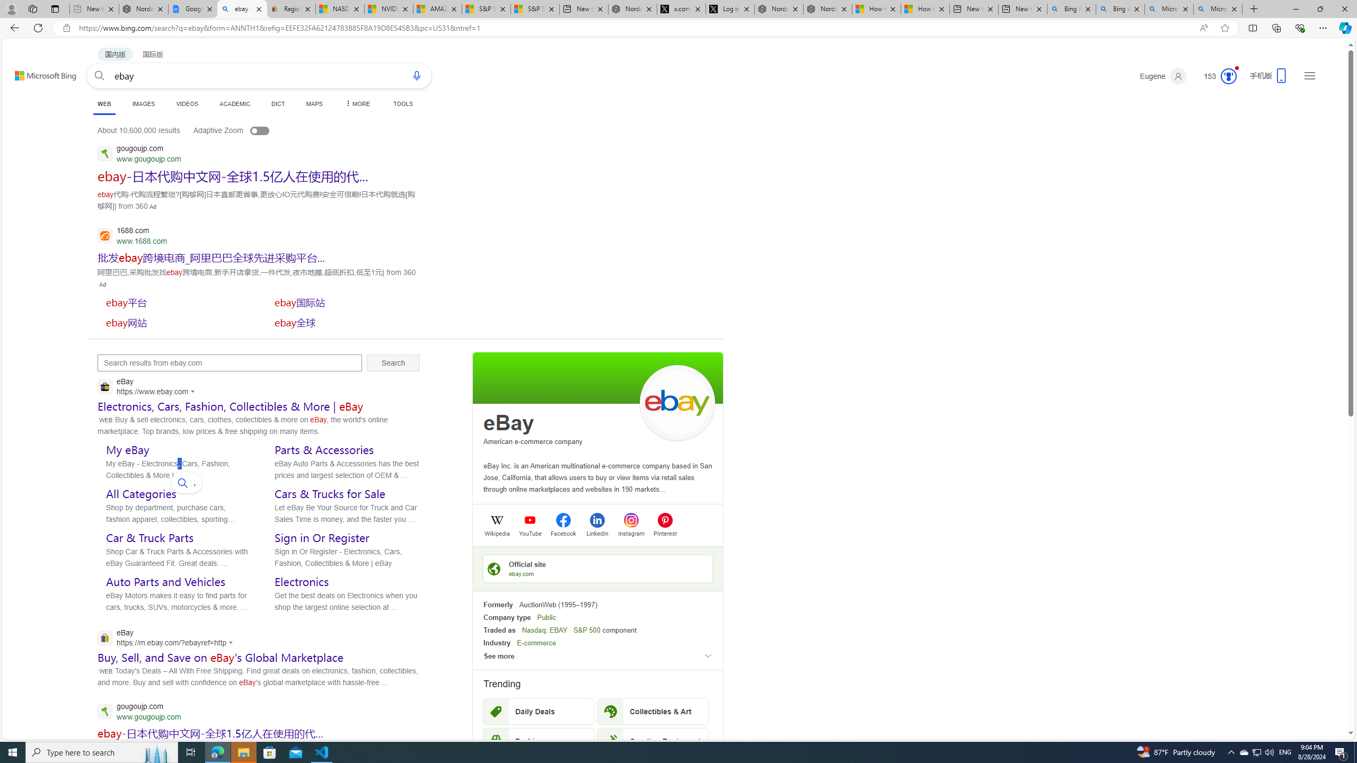 The width and height of the screenshot is (1357, 763). Describe the element at coordinates (329, 493) in the screenshot. I see `'Cars & Trucks for Sale'` at that location.